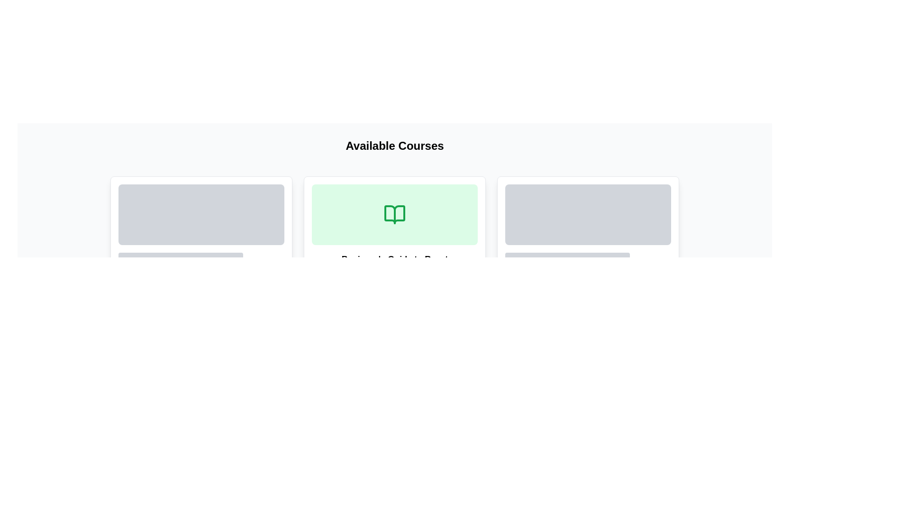  What do you see at coordinates (395, 214) in the screenshot?
I see `the right portion of the open book icon, which is styled with a green stroke and located in the 'Available Courses' section of the interface` at bounding box center [395, 214].